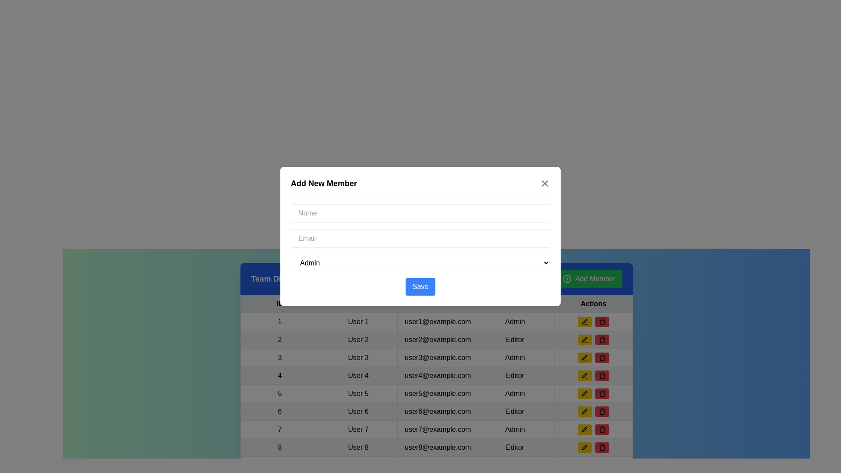 Image resolution: width=841 pixels, height=473 pixels. I want to click on the yellow edit icon in the grouped button component located in the Actions column of the table for the entry with email 'user6@example.com' to initiate editing, so click(593, 412).